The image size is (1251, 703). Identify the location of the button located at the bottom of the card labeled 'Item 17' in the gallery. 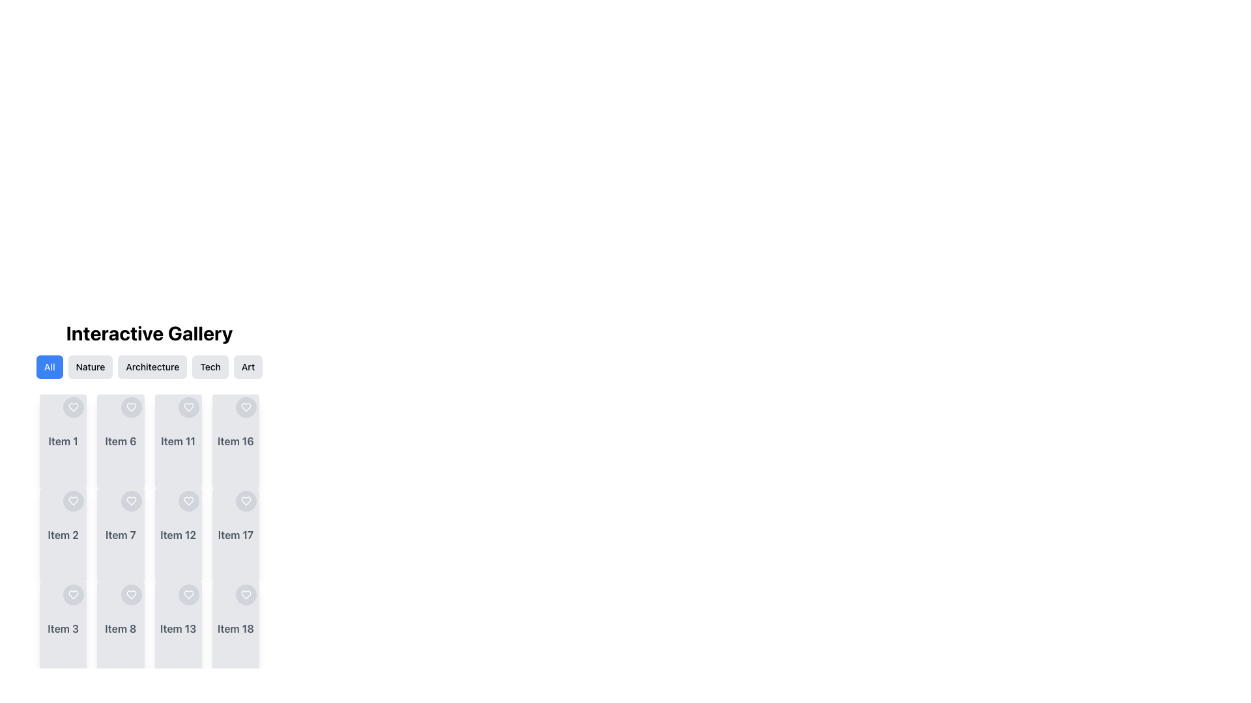
(235, 534).